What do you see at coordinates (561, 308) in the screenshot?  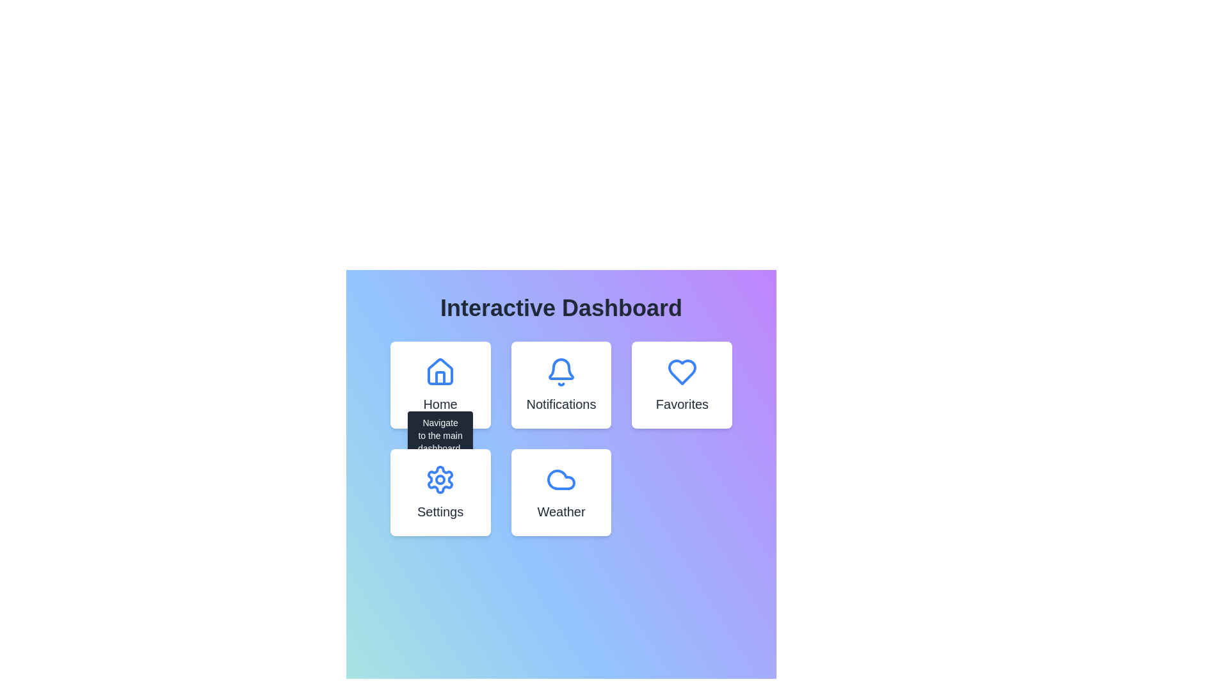 I see `the prominent header text labeled 'Interactive Dashboard', which is a large, bold, dark gray font centered at the top of the interface` at bounding box center [561, 308].